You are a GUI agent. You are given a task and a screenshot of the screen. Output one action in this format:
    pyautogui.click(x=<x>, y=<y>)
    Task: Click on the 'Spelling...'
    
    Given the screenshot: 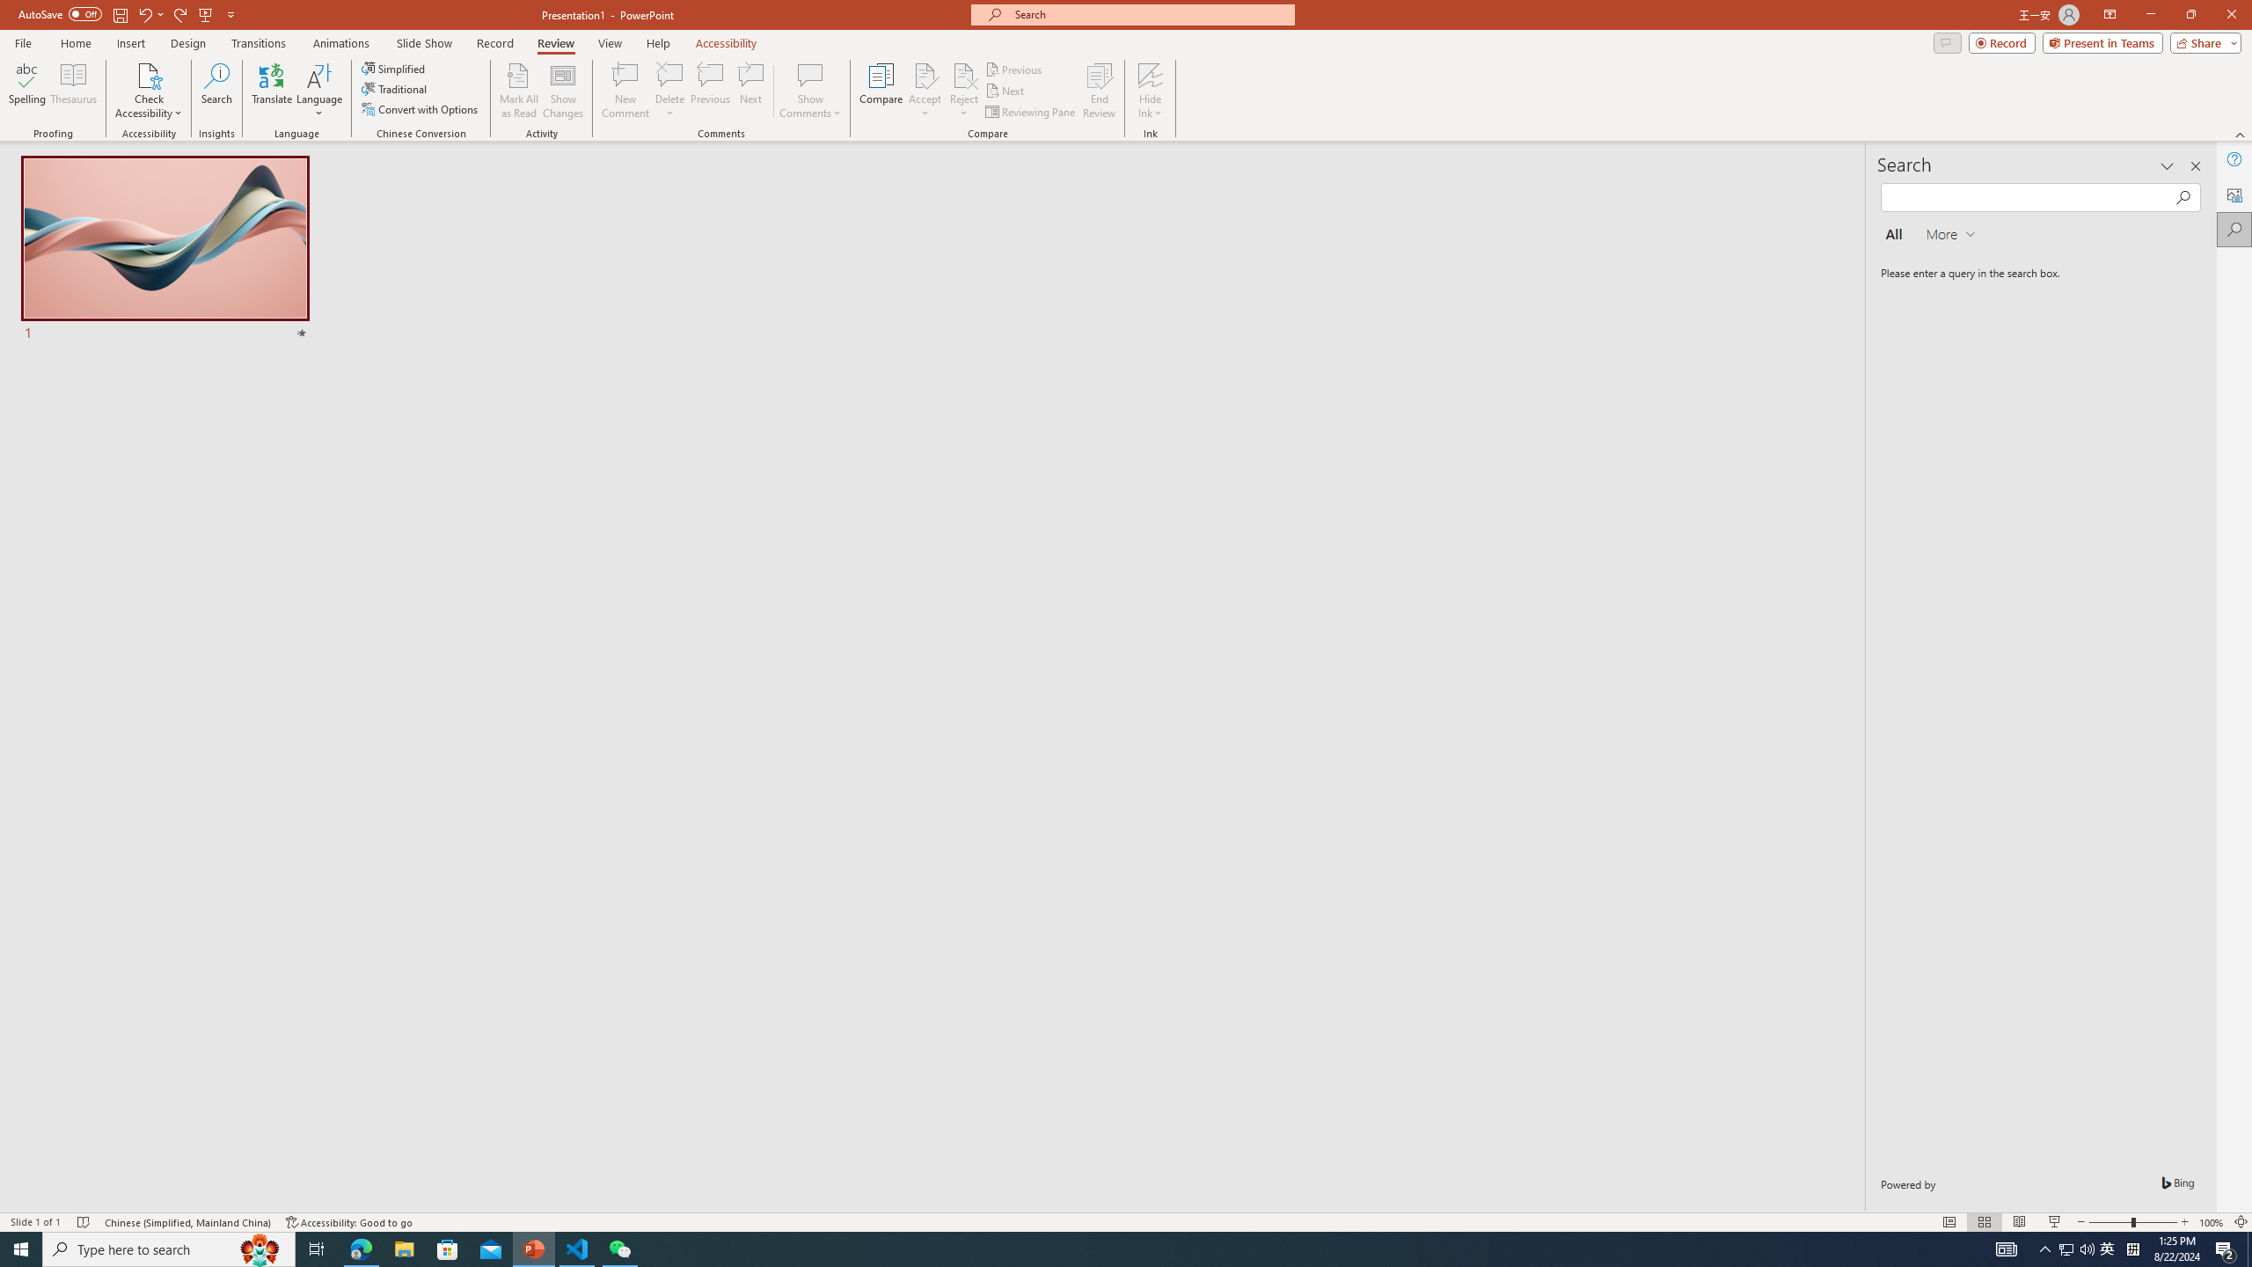 What is the action you would take?
    pyautogui.click(x=26, y=91)
    